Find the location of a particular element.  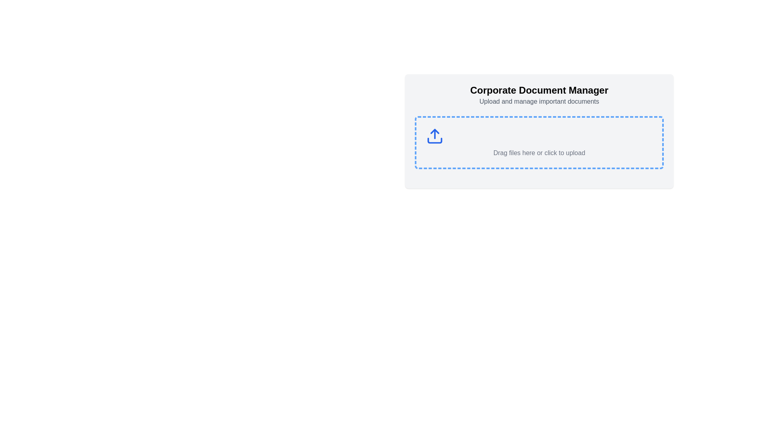

the upload icon located near the top-left corner of the interactive box that prompts users to upload files, positioned centrally above the descriptive text is located at coordinates (434, 136).